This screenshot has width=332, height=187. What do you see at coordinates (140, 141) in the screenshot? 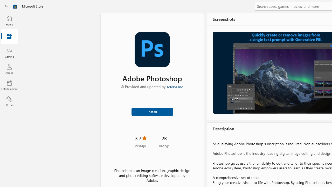
I see `'3.7 stars. Click to skip to ratings and reviews'` at bounding box center [140, 141].